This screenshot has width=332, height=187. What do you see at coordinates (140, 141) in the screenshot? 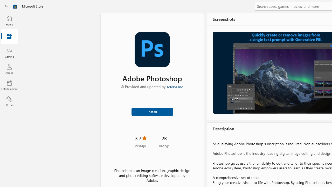
I see `'3.7 stars. Click to skip to ratings and reviews'` at bounding box center [140, 141].